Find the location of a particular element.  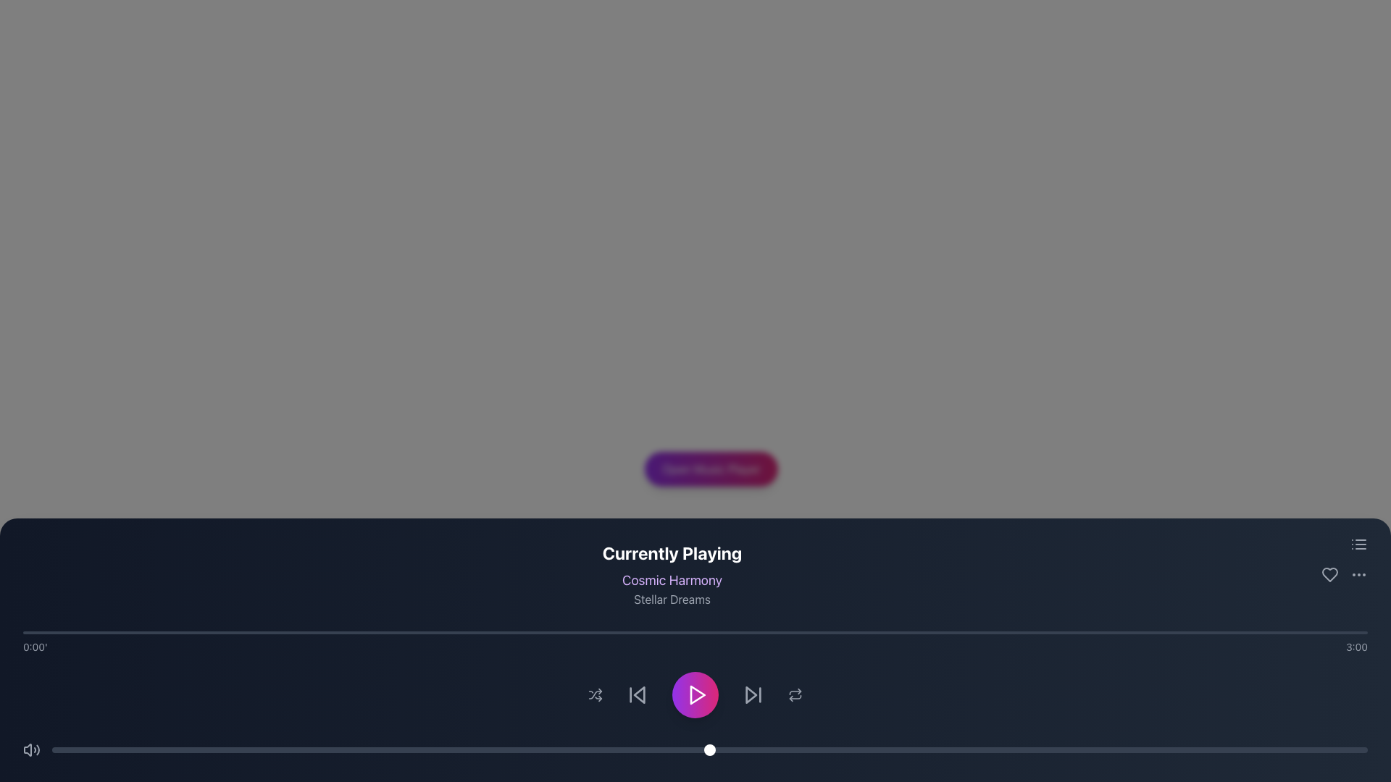

playback position is located at coordinates (993, 632).